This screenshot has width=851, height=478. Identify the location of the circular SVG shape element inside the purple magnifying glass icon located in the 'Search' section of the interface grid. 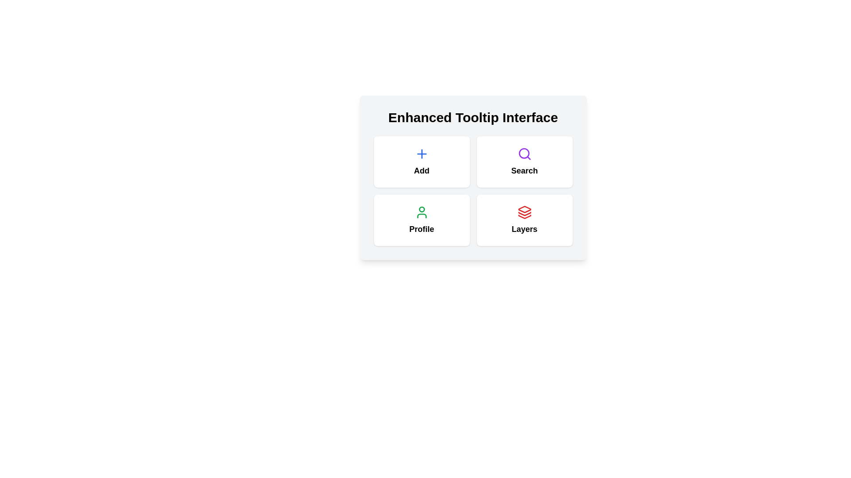
(524, 153).